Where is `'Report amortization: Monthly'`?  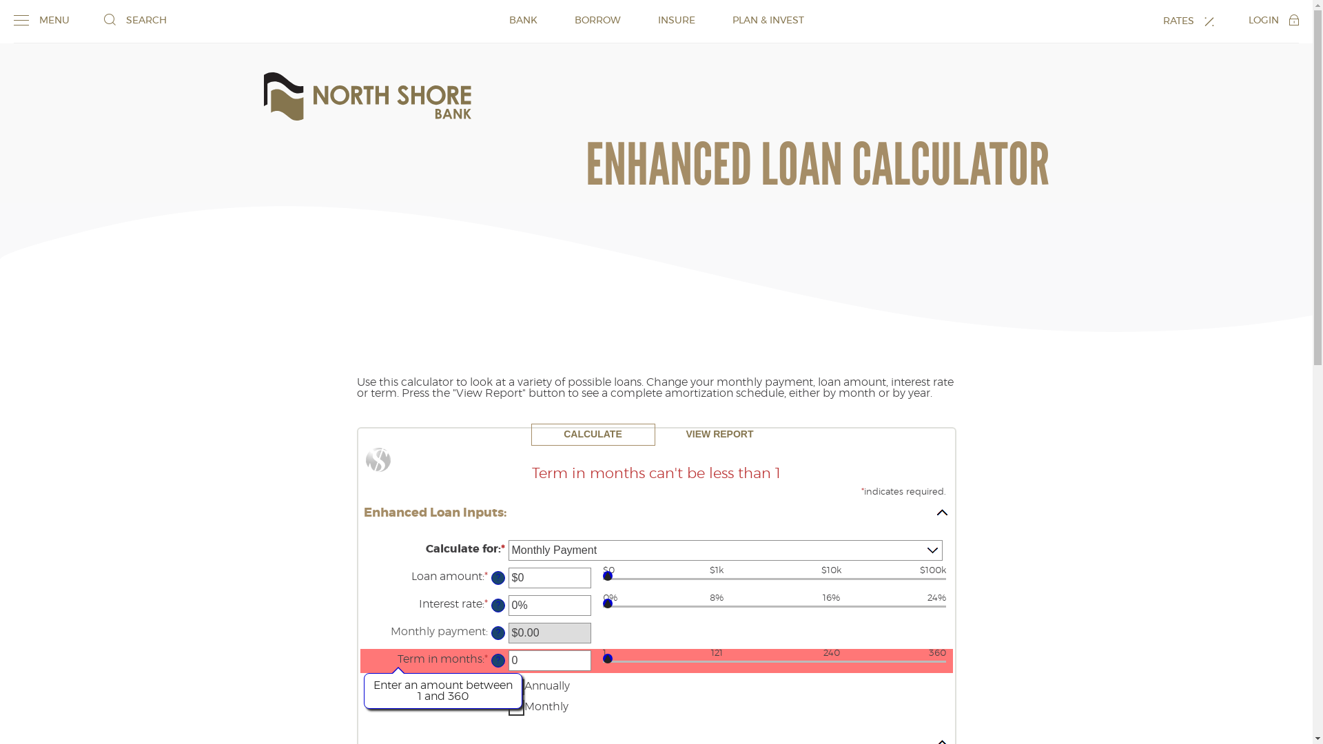 'Report amortization: Monthly' is located at coordinates (515, 707).